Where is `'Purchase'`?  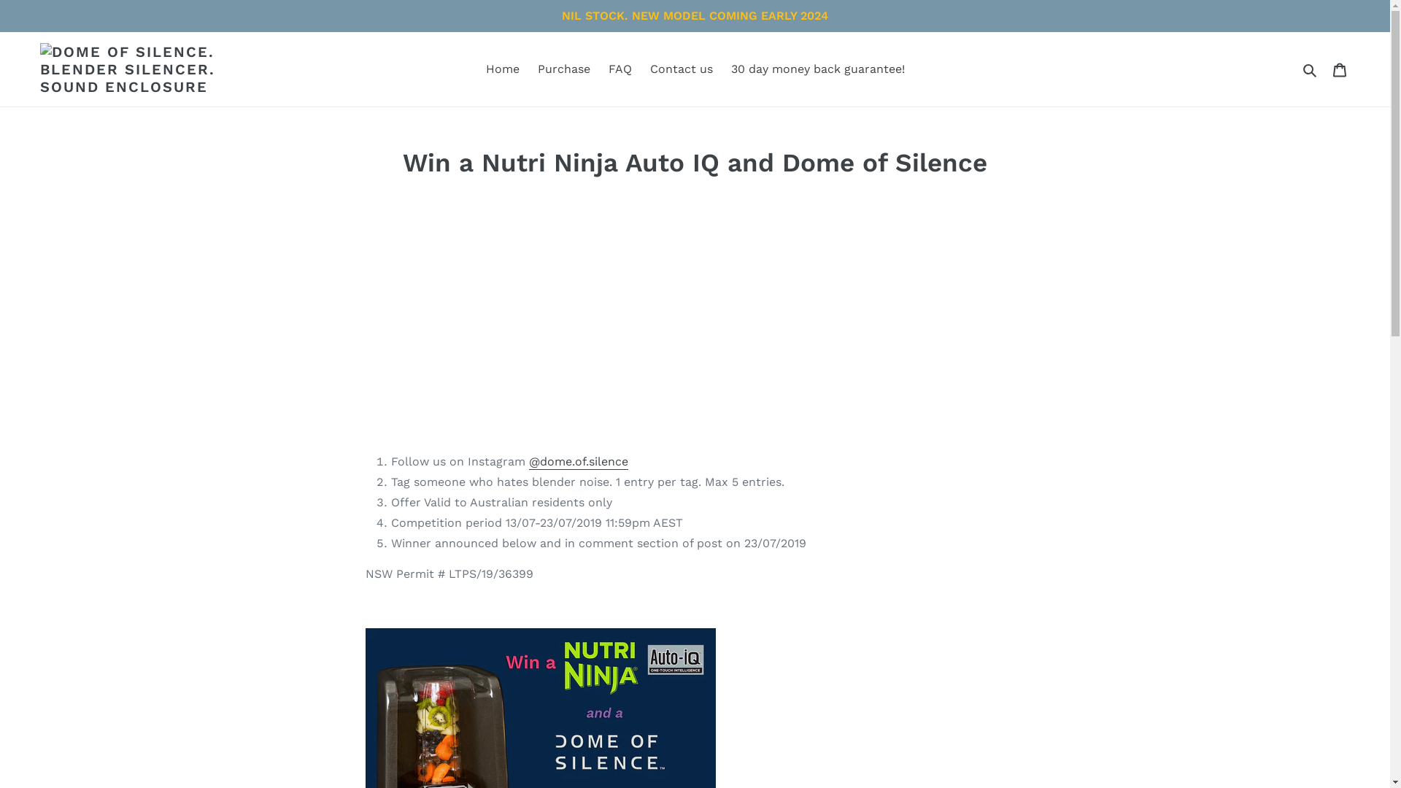 'Purchase' is located at coordinates (563, 69).